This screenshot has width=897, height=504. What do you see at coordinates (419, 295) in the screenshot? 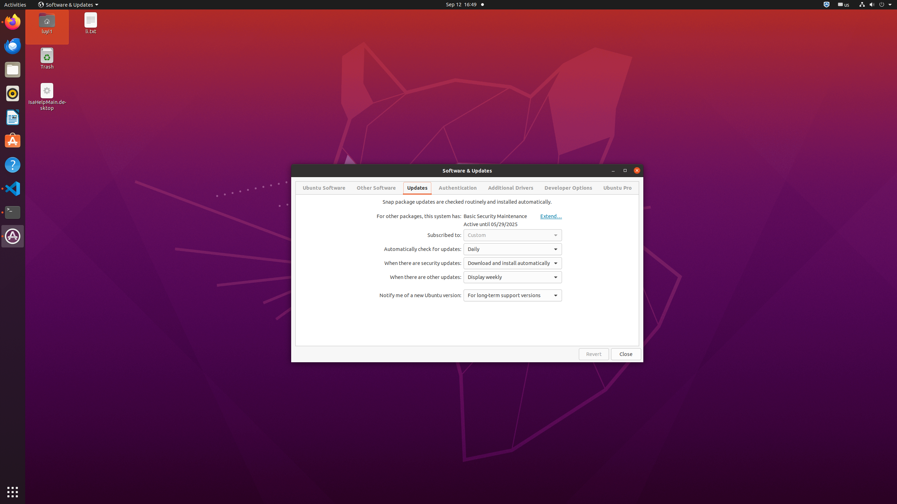
I see `'Notify me of a new Ubuntu version:'` at bounding box center [419, 295].